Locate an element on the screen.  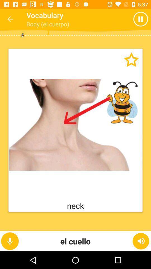
the item above the neck icon is located at coordinates (75, 125).